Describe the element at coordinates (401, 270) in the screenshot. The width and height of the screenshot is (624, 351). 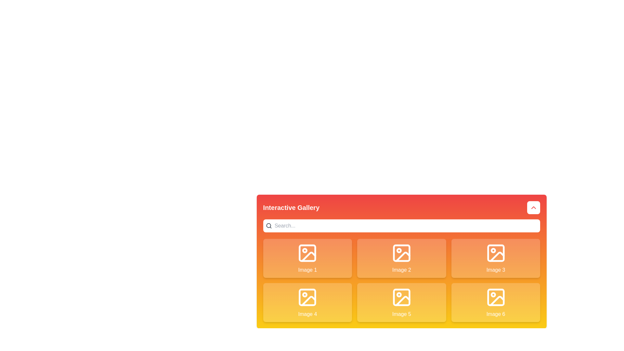
I see `the Text label that indicates the purpose or content of the associated image in the second tile of the top row of the image gallery` at that location.